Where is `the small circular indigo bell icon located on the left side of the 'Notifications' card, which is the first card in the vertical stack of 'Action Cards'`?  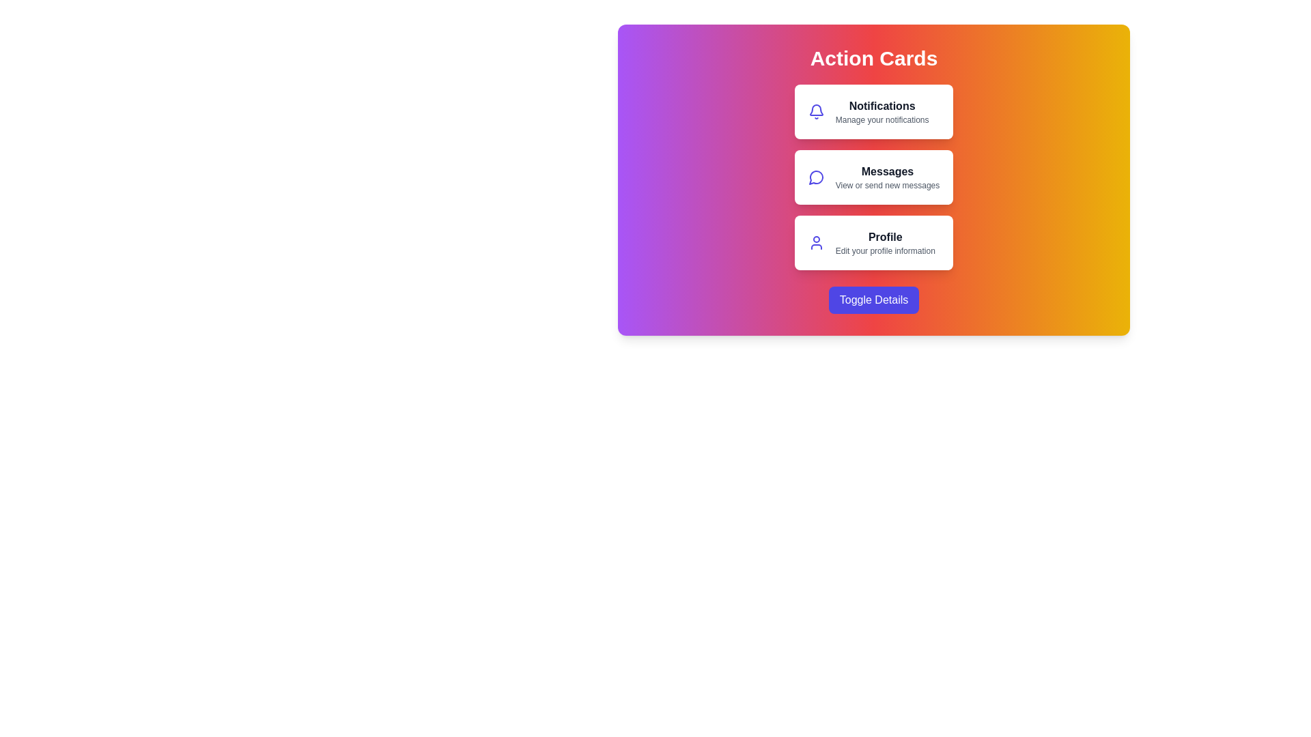 the small circular indigo bell icon located on the left side of the 'Notifications' card, which is the first card in the vertical stack of 'Action Cards' is located at coordinates (816, 111).